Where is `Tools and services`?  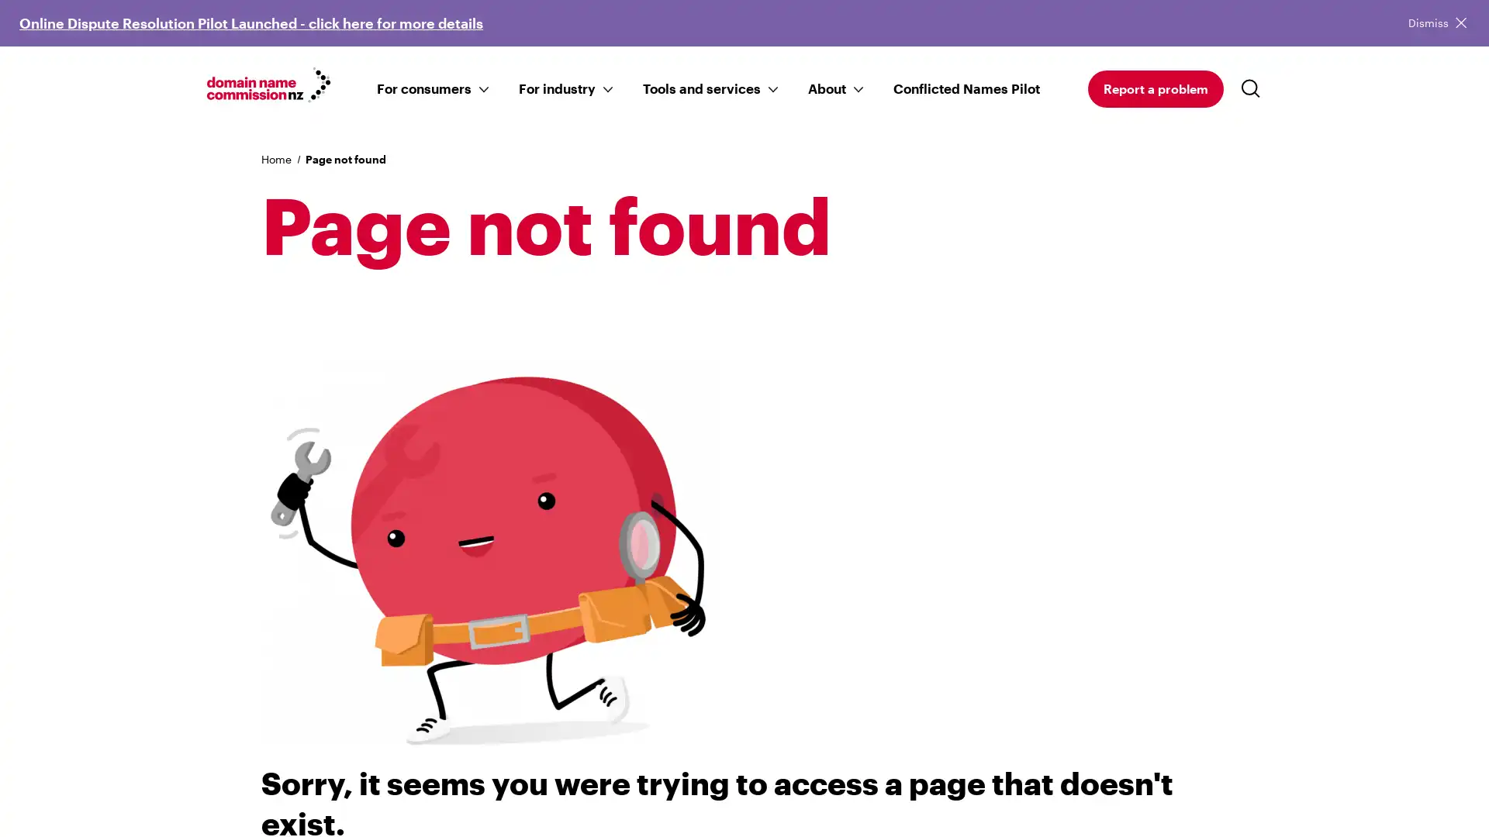 Tools and services is located at coordinates (700, 86).